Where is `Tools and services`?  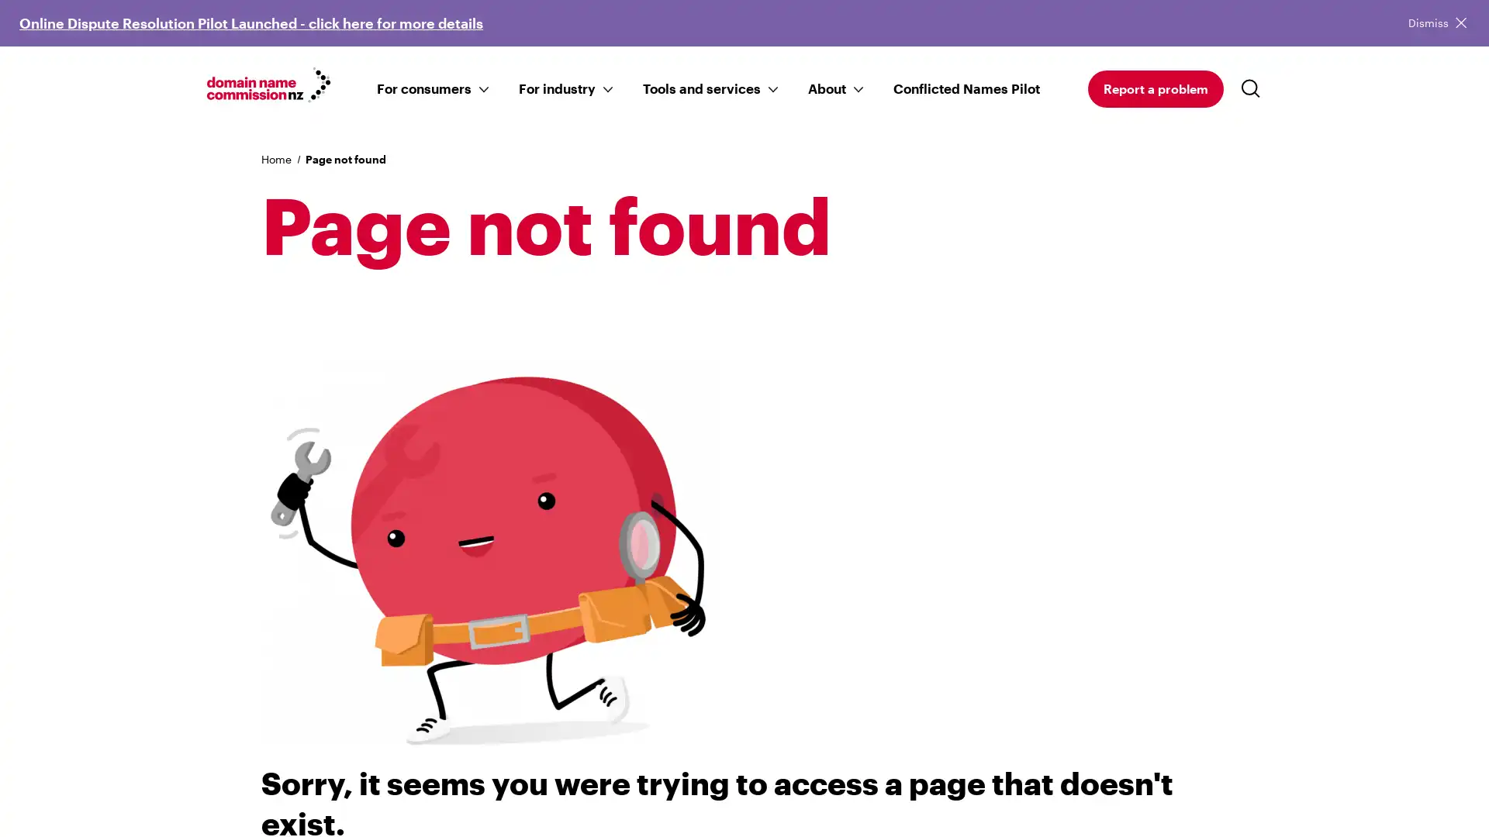 Tools and services is located at coordinates (700, 86).